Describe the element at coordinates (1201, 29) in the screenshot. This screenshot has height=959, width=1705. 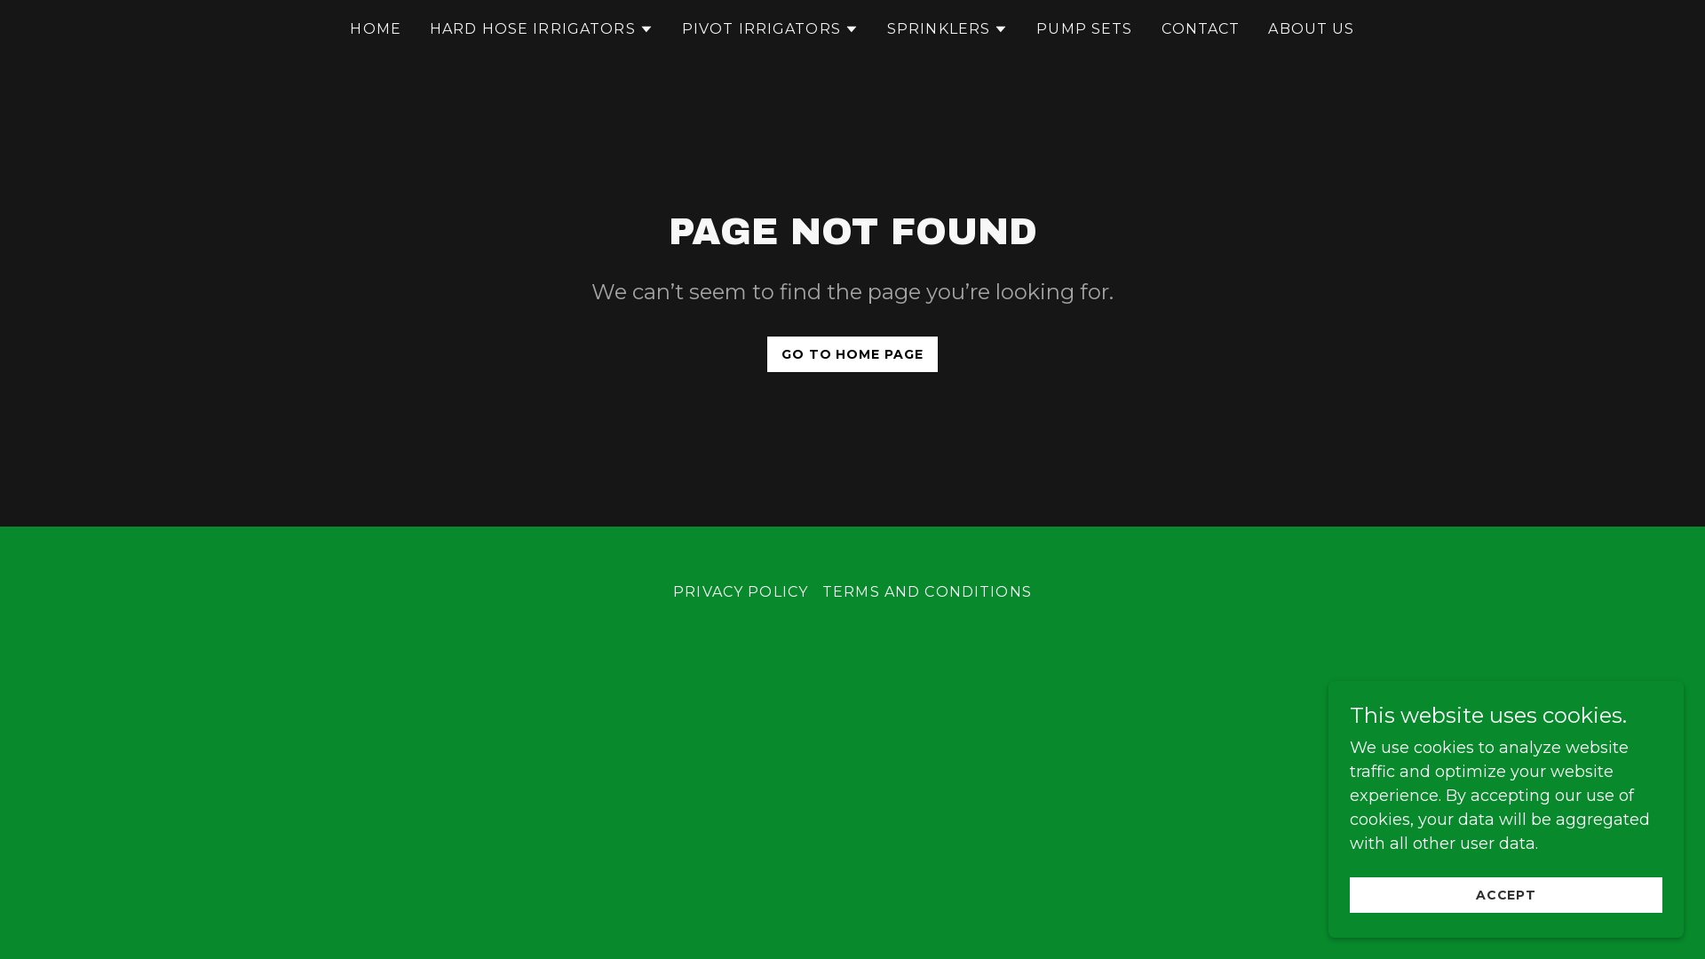
I see `'CONTACT'` at that location.